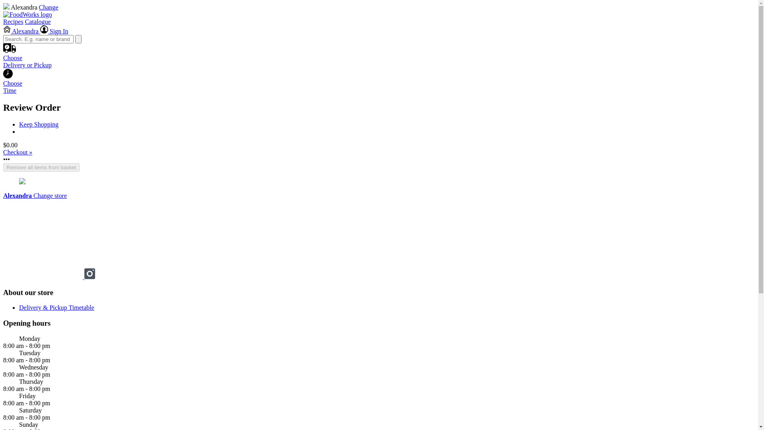  I want to click on 'Alexandra', so click(3, 31).